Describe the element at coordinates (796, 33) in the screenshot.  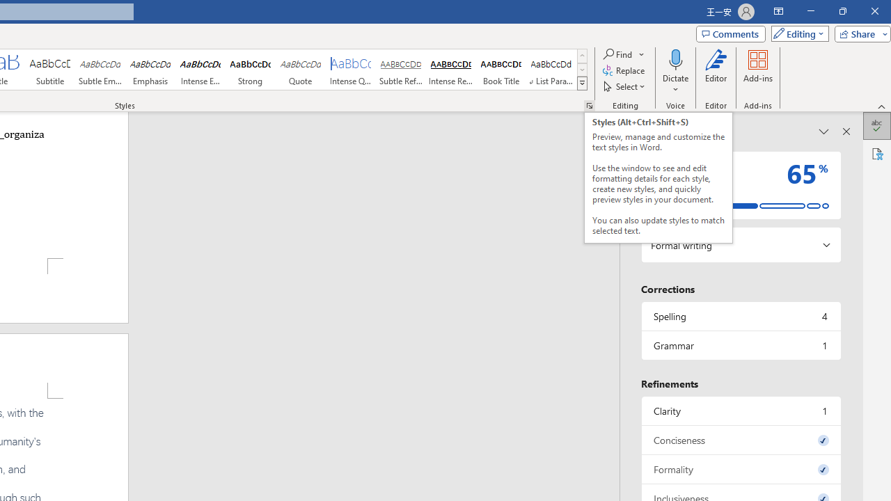
I see `'Editing'` at that location.